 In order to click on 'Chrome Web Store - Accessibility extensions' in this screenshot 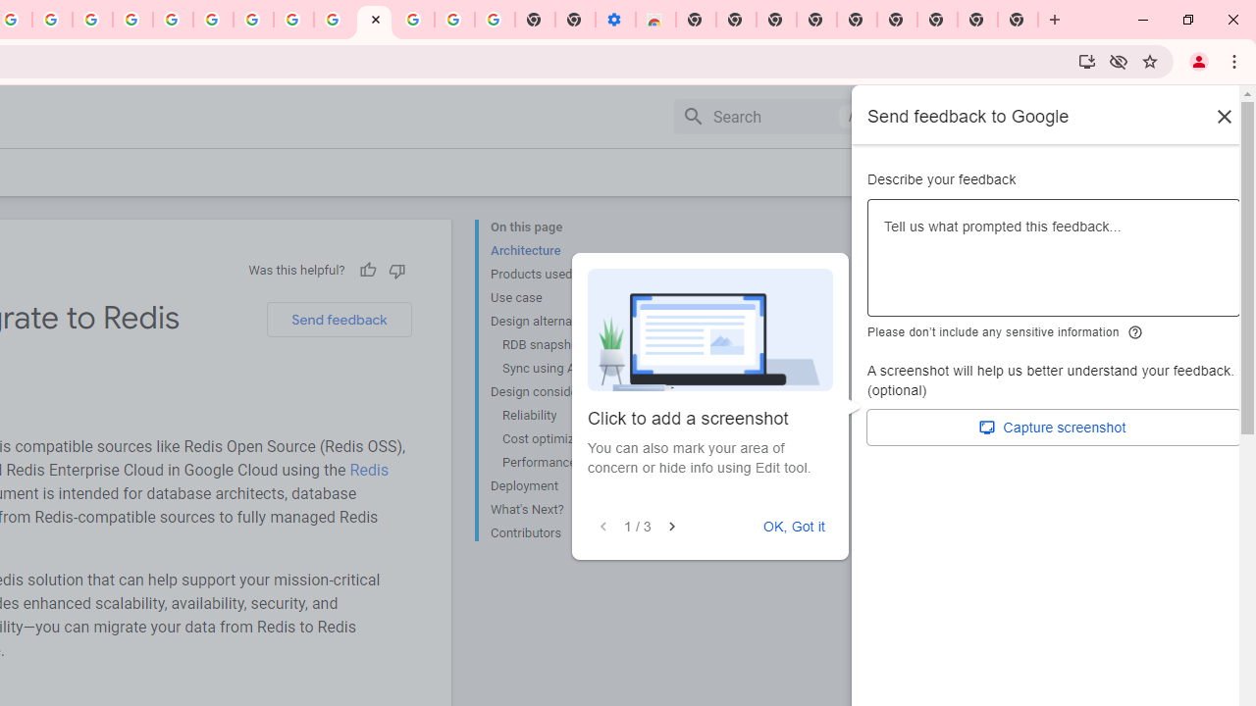, I will do `click(655, 20)`.